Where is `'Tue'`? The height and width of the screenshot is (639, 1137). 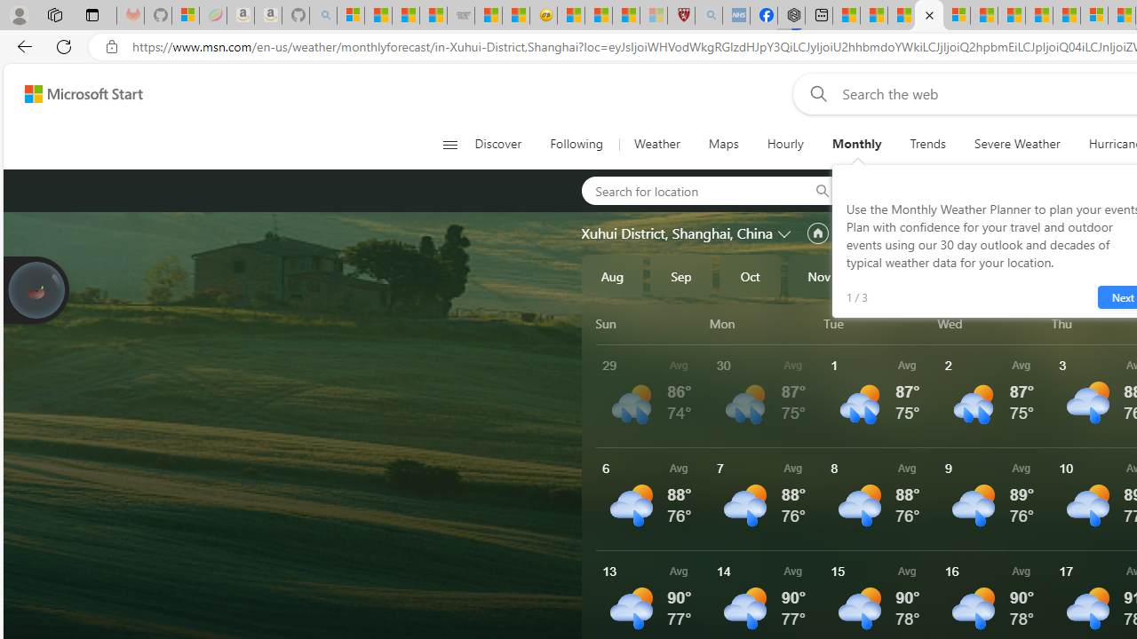
'Tue' is located at coordinates (878, 323).